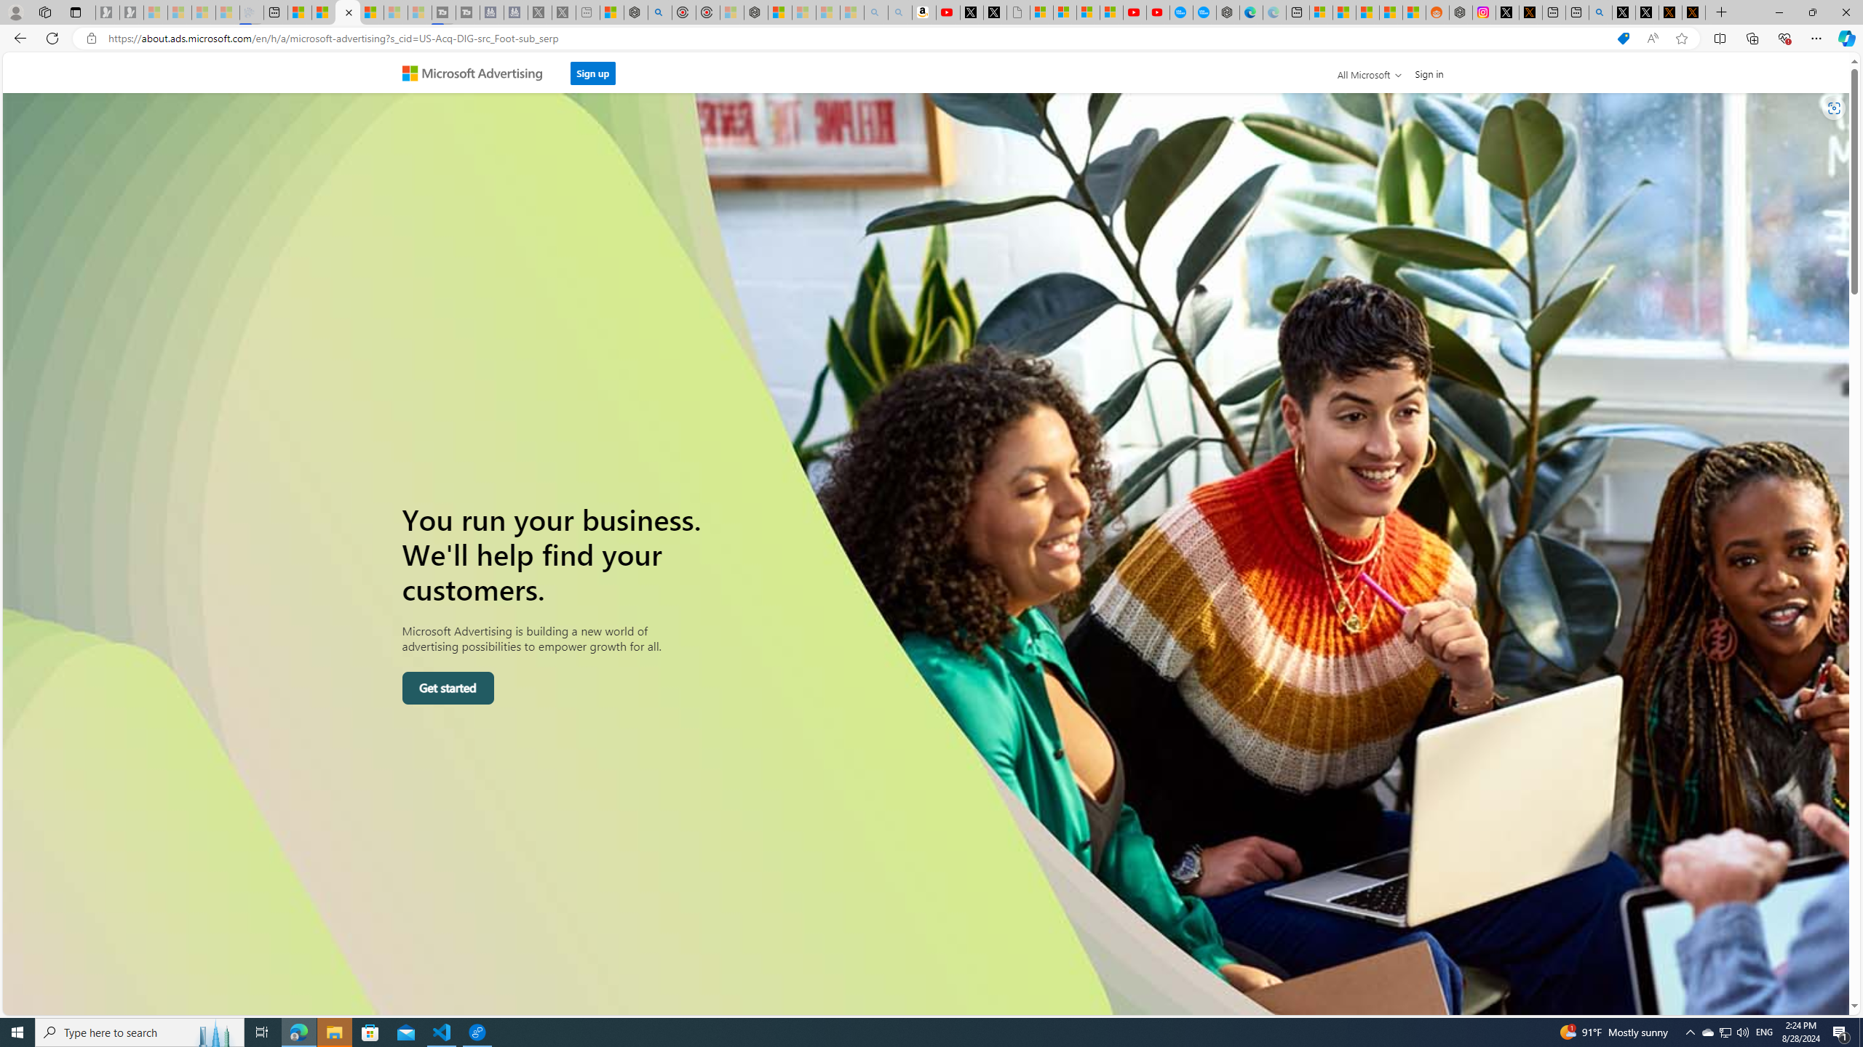 The image size is (1863, 1047). Describe the element at coordinates (346, 12) in the screenshot. I see `'Overview'` at that location.